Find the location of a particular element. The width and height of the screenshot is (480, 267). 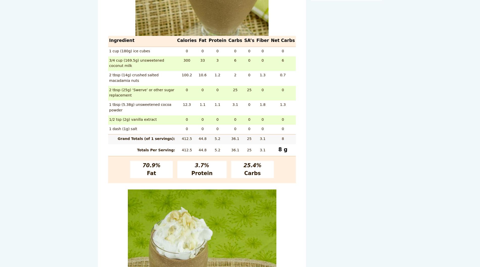

'Fiber' is located at coordinates (262, 40).